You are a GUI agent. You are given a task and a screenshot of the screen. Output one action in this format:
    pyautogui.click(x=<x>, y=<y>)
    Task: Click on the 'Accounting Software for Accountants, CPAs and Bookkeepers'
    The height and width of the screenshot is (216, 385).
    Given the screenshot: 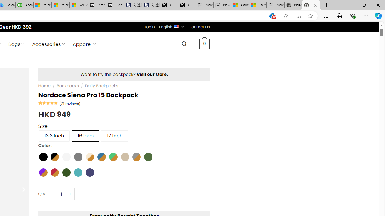 What is the action you would take?
    pyautogui.click(x=24, y=5)
    